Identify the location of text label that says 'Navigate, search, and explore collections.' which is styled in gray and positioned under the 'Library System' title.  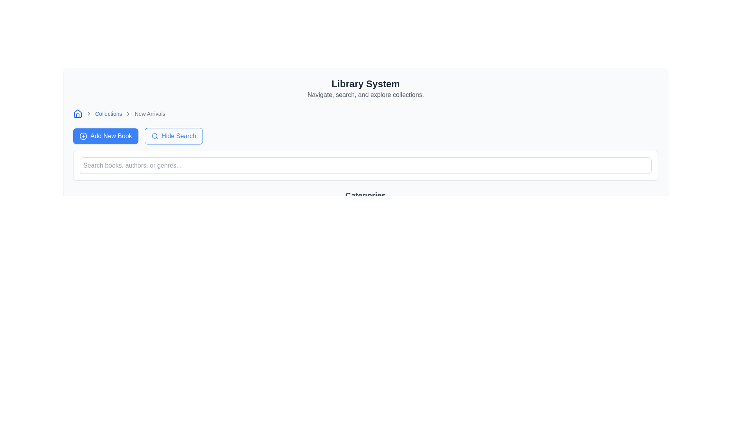
(365, 95).